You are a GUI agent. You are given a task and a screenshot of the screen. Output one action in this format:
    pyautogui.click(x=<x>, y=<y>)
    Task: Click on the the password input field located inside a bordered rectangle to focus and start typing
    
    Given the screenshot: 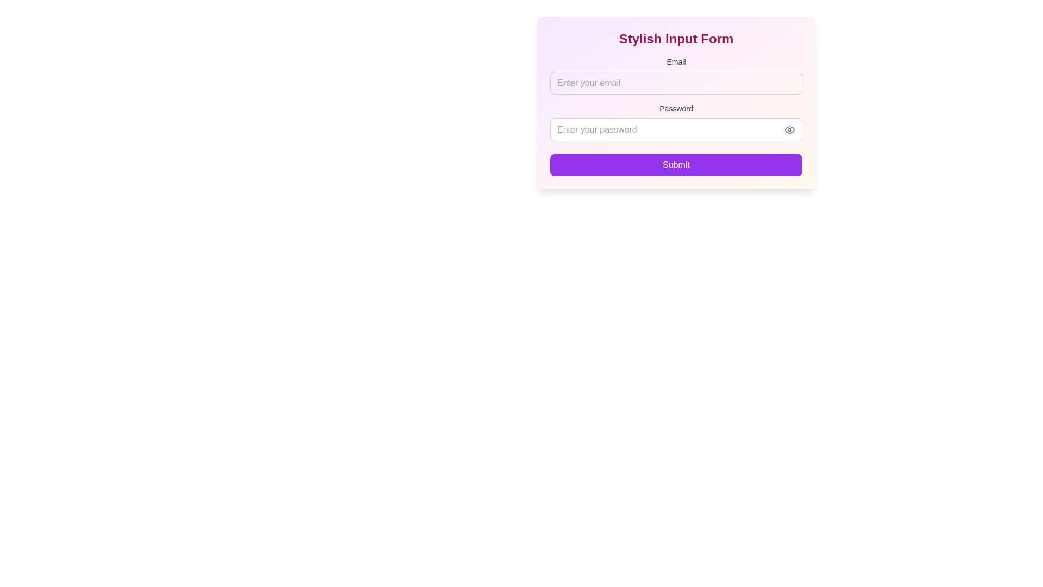 What is the action you would take?
    pyautogui.click(x=668, y=129)
    